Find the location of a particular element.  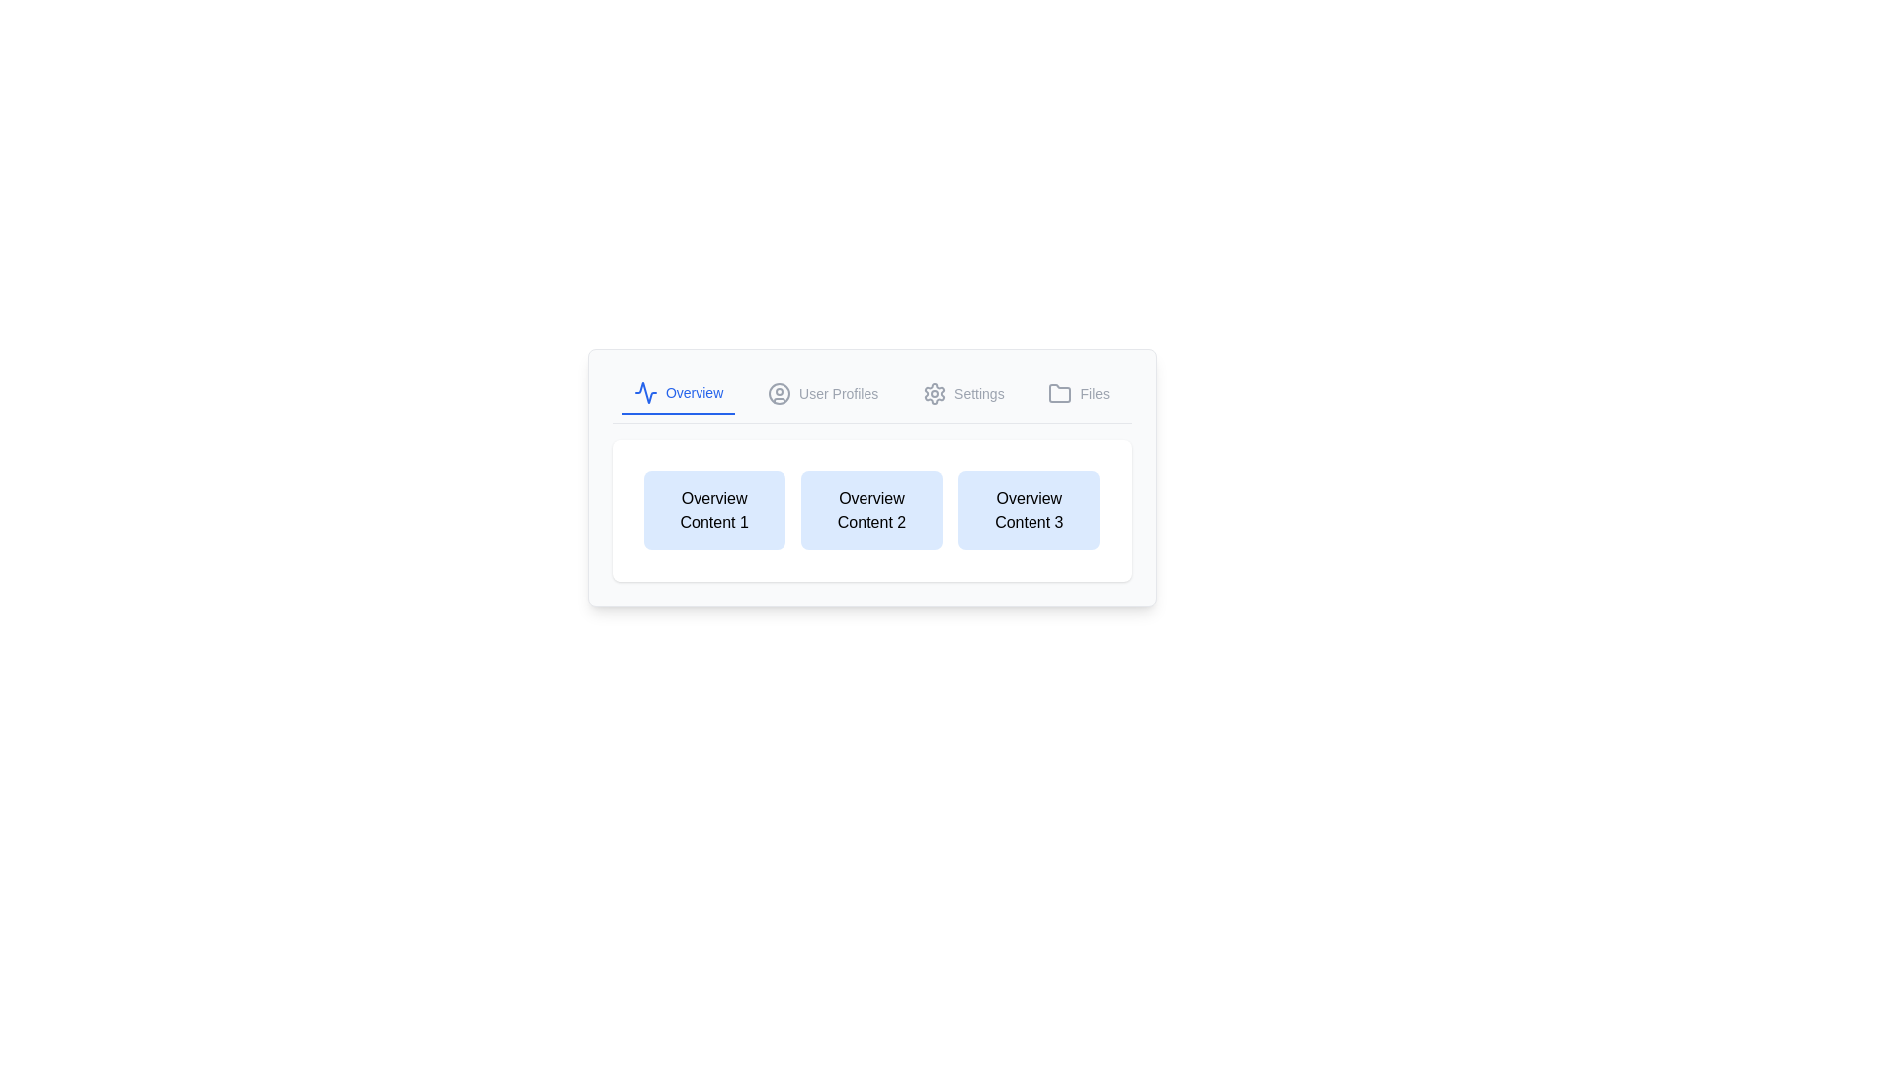

the settings button icon, which serves as a visual indicator for configuration options, located between the user profiles icon and the text label 'Settings' in the navigation bar is located at coordinates (933, 393).